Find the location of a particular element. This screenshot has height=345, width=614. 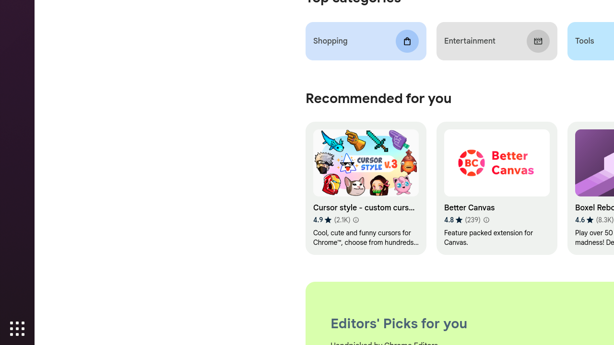

'Show Applications' is located at coordinates (17, 328).